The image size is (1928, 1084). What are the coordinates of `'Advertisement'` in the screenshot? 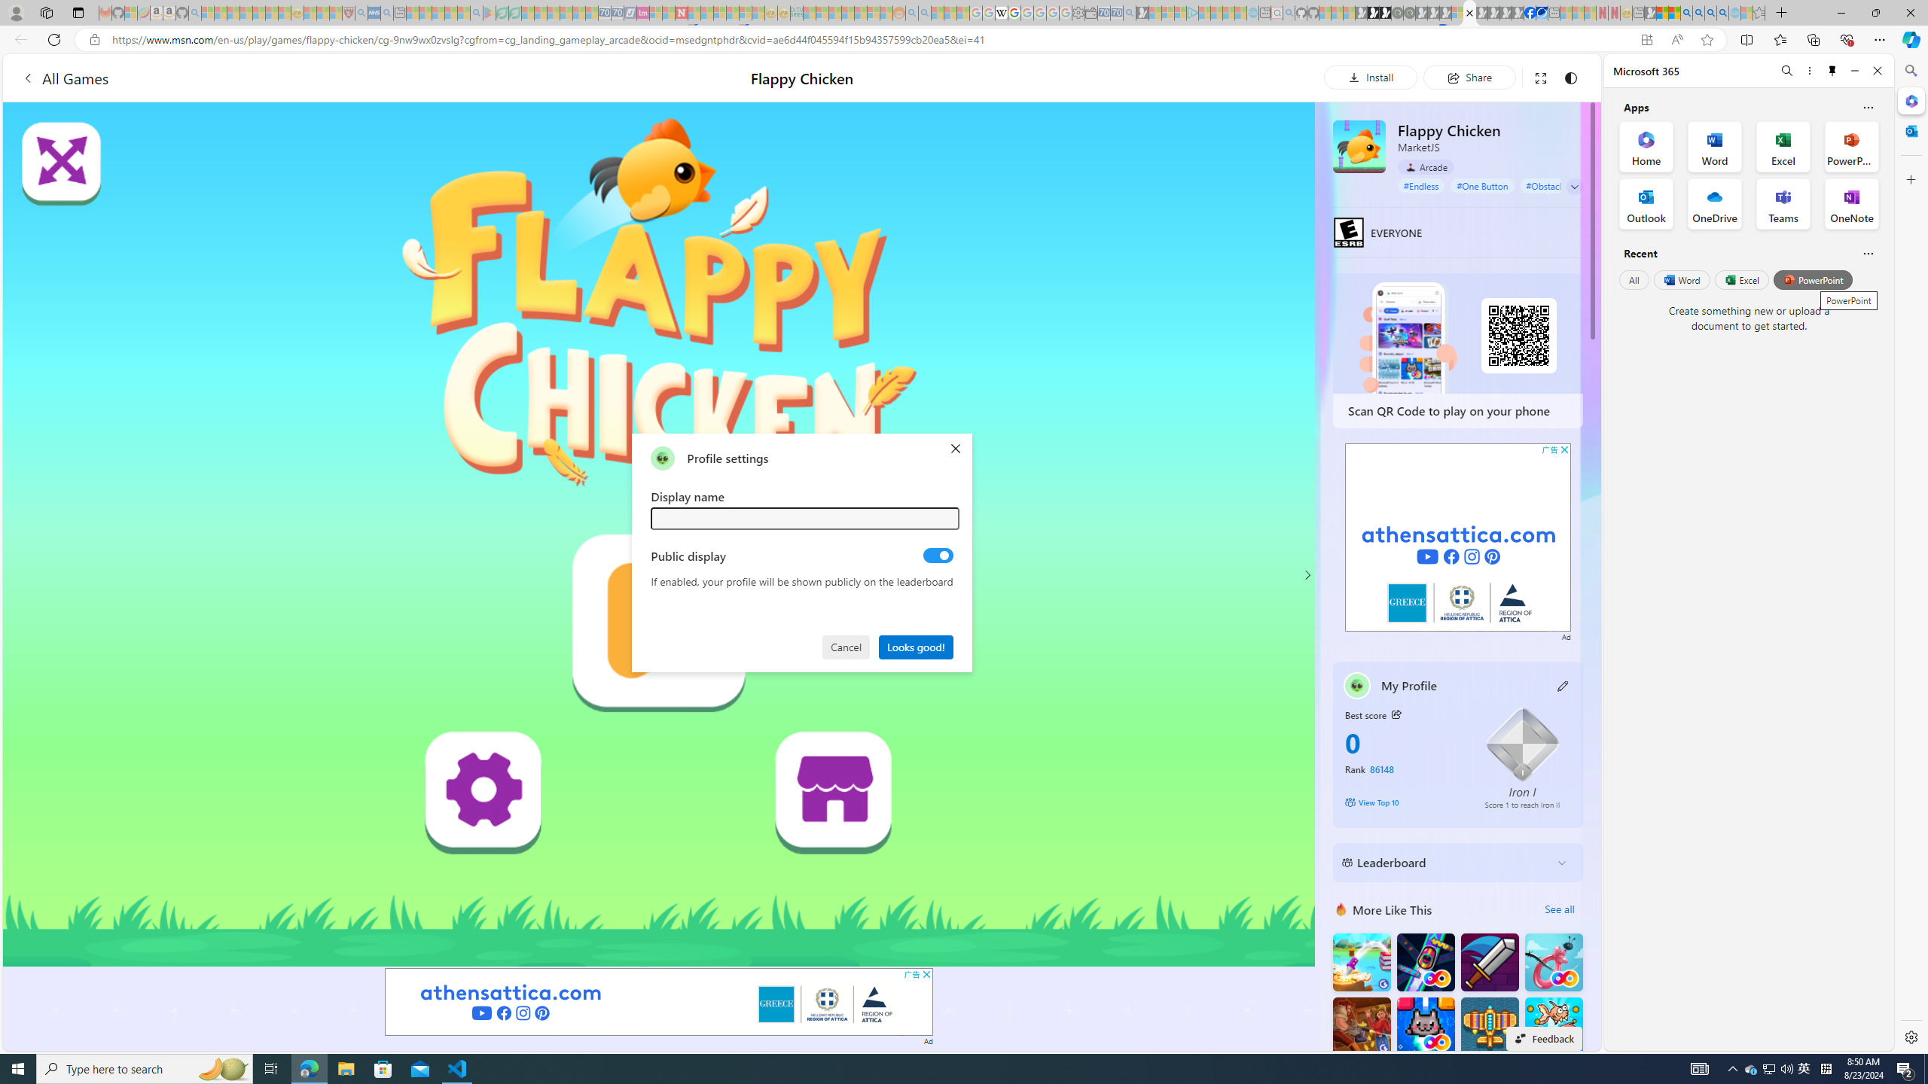 It's located at (1458, 537).